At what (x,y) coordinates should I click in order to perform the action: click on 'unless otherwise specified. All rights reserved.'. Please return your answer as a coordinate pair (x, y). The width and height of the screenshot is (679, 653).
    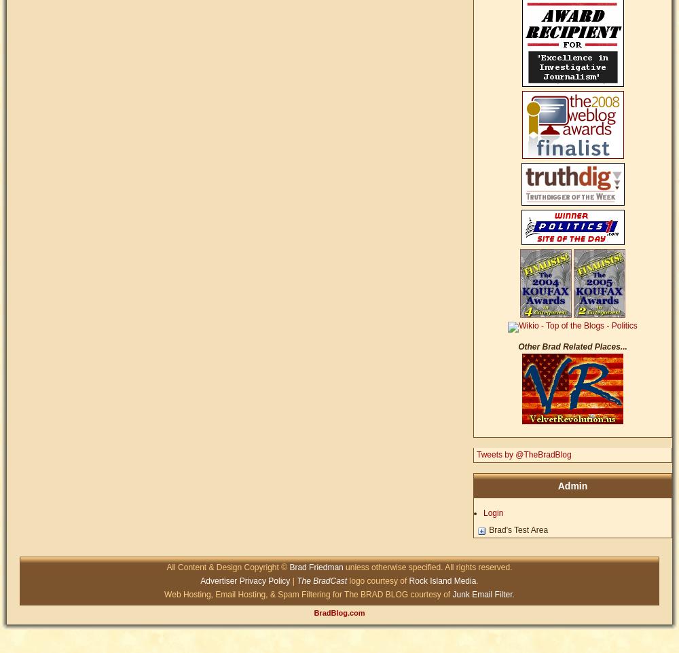
    Looking at the image, I should click on (427, 567).